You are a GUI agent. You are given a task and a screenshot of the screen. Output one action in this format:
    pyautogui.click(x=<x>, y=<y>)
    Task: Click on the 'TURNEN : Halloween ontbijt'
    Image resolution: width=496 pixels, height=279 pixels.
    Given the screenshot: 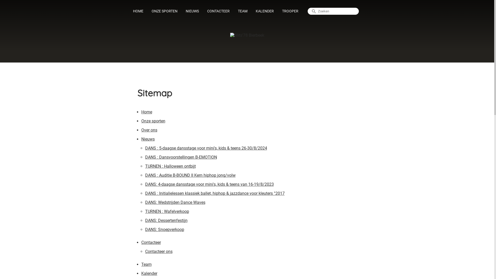 What is the action you would take?
    pyautogui.click(x=171, y=167)
    